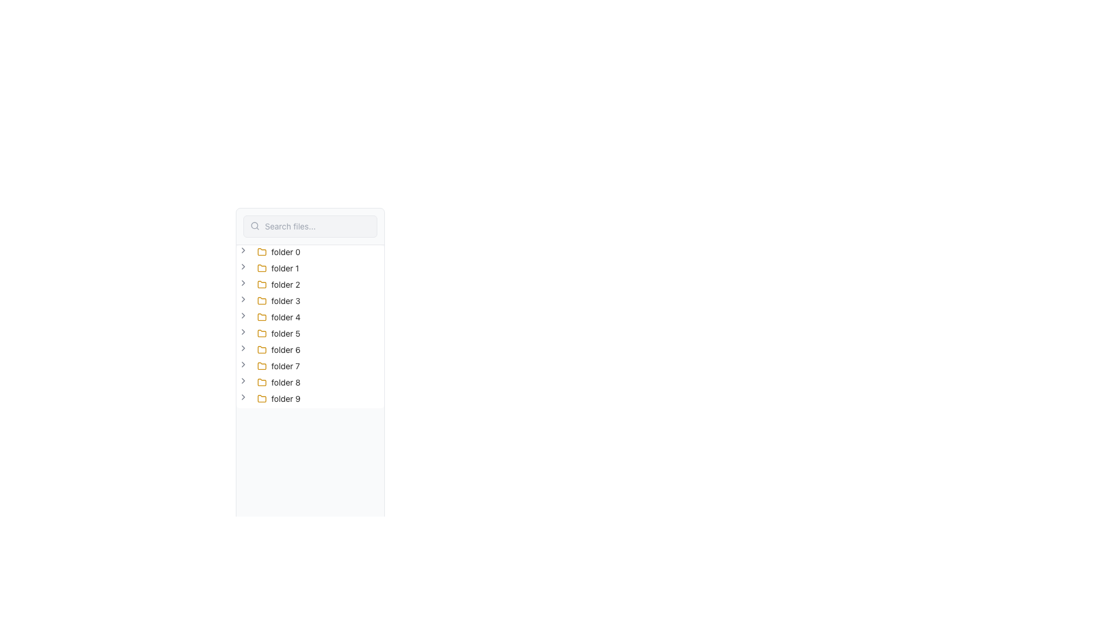 The width and height of the screenshot is (1118, 629). What do you see at coordinates (277, 268) in the screenshot?
I see `the tree item representing the folder labeled 'folder 1', which is styled with a yellow folder icon and is the second item` at bounding box center [277, 268].